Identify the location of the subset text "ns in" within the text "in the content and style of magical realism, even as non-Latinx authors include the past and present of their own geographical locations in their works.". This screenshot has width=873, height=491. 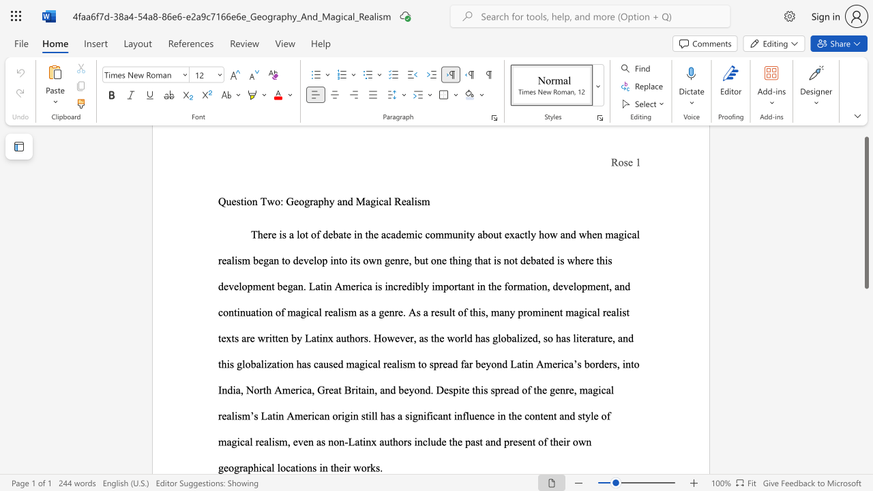
(306, 467).